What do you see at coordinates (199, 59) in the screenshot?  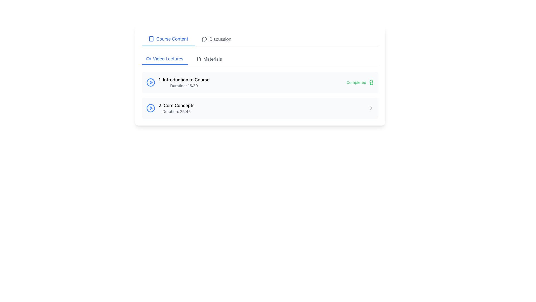 I see `the small file icon element, which is represented by an outline of a rectangular file with a curled top-right corner, located to the left of the 'Materials' label` at bounding box center [199, 59].